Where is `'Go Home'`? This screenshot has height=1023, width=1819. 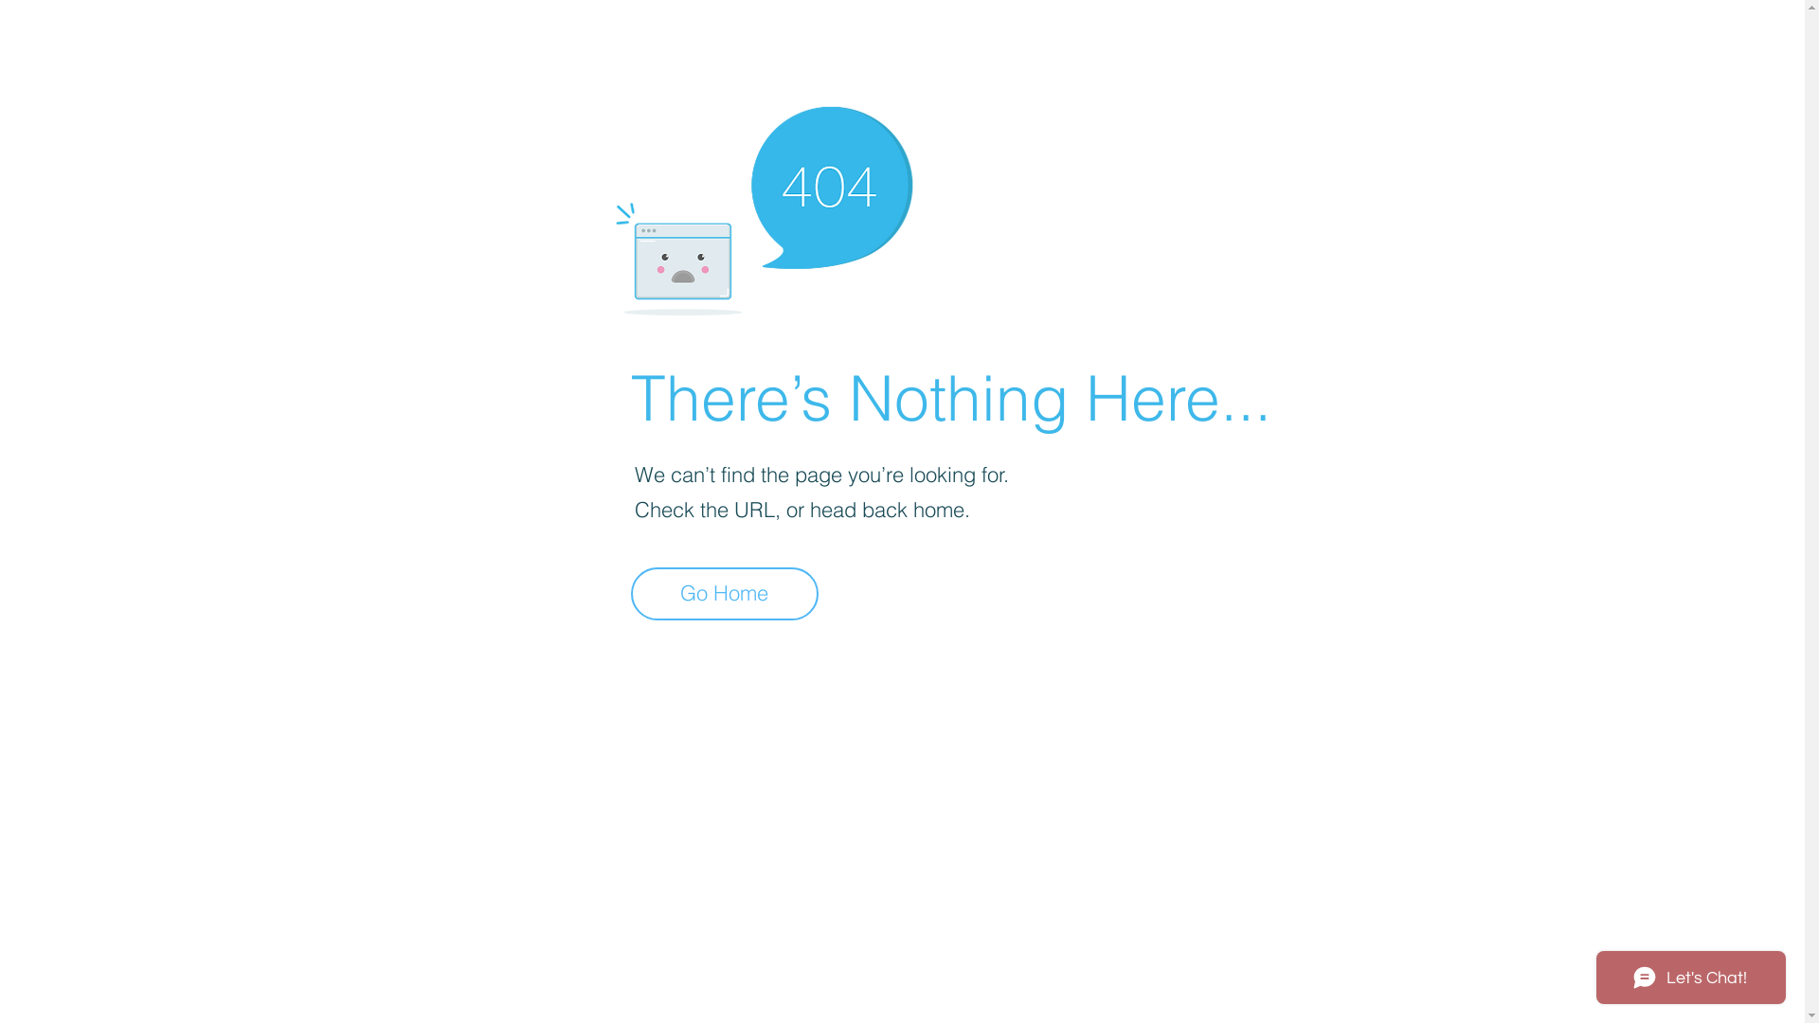 'Go Home' is located at coordinates (631, 593).